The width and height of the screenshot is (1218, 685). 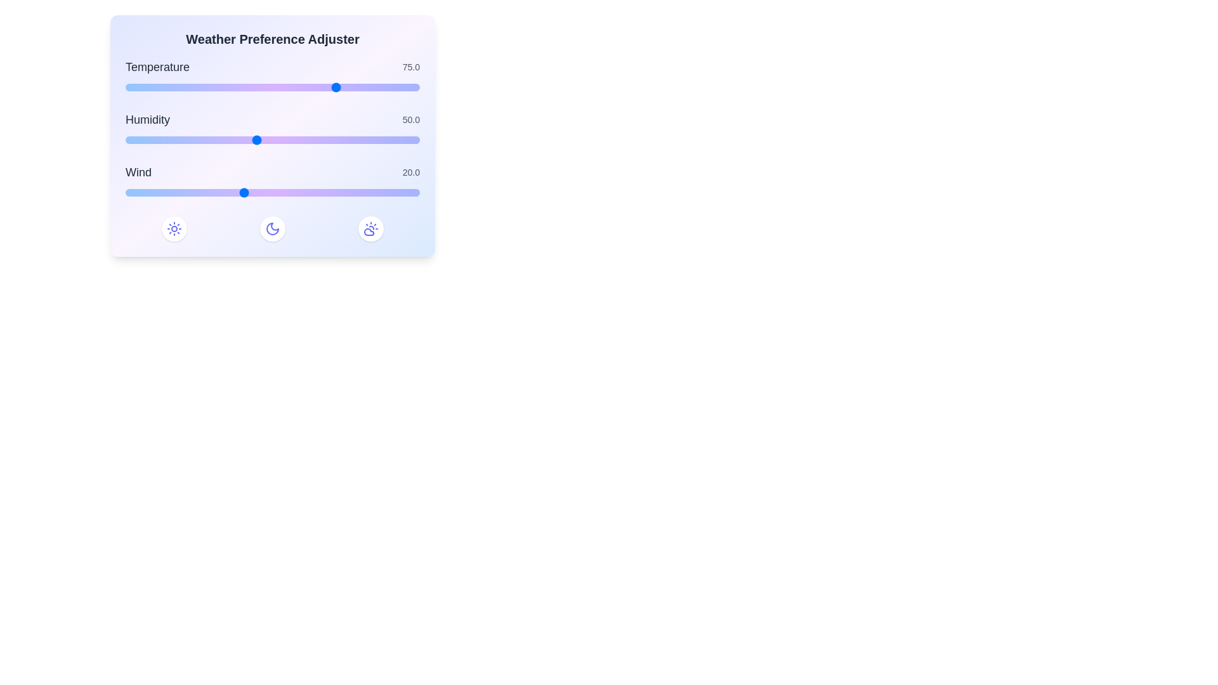 What do you see at coordinates (395, 193) in the screenshot?
I see `wind preference` at bounding box center [395, 193].